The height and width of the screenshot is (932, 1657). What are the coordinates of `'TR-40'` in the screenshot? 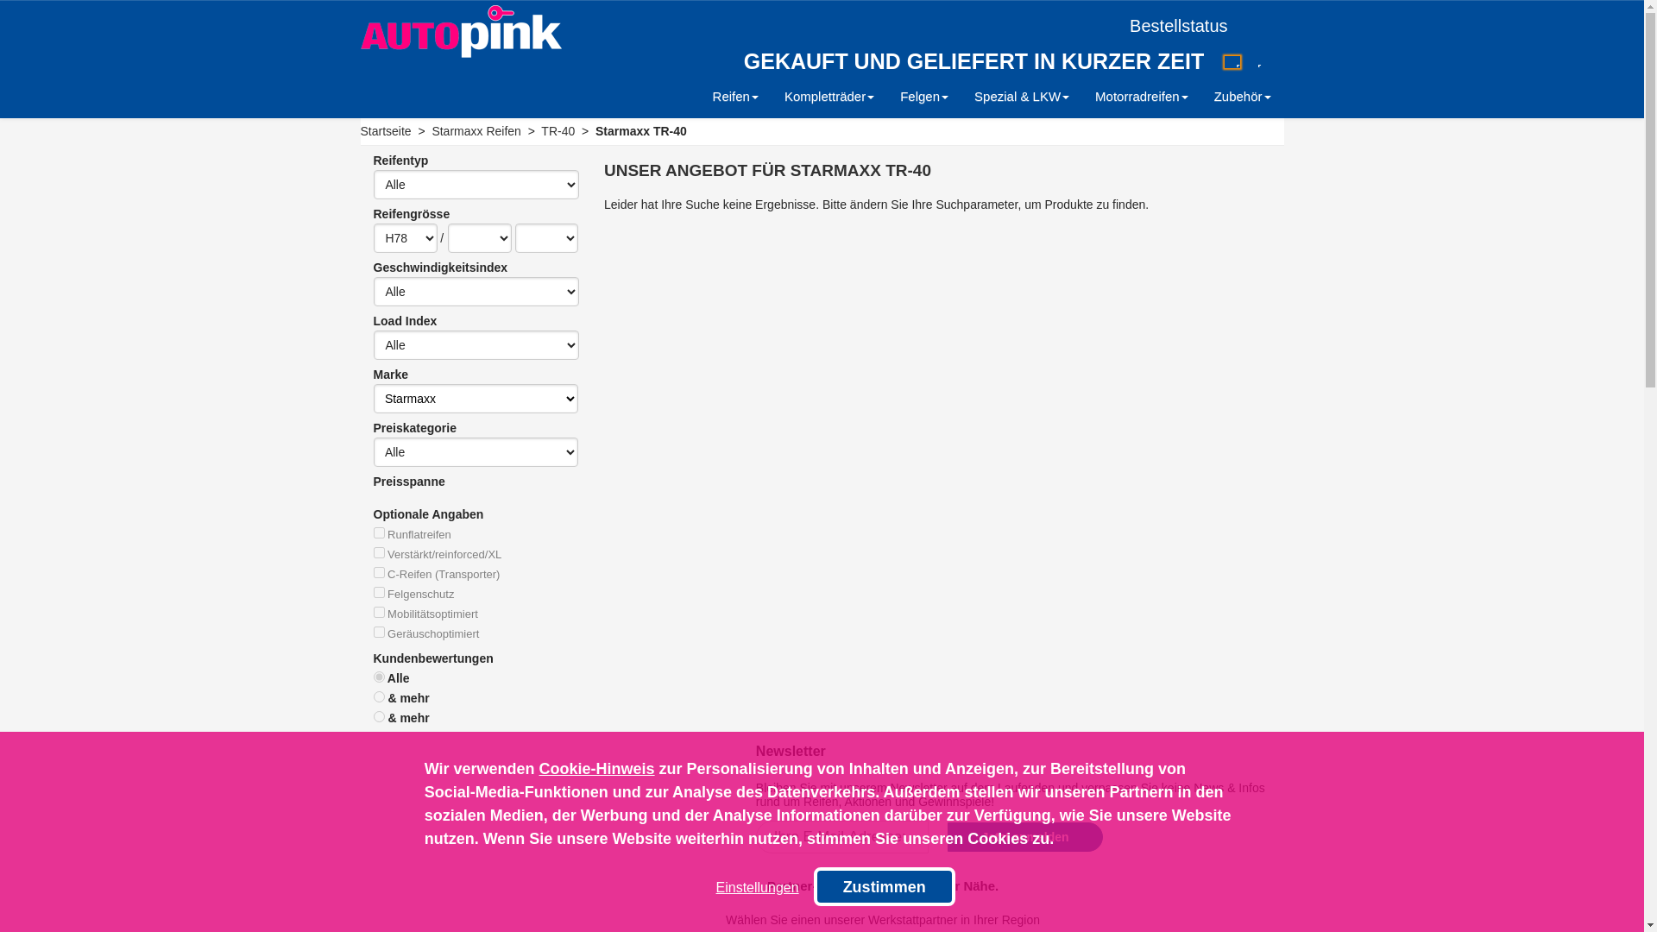 It's located at (558, 129).